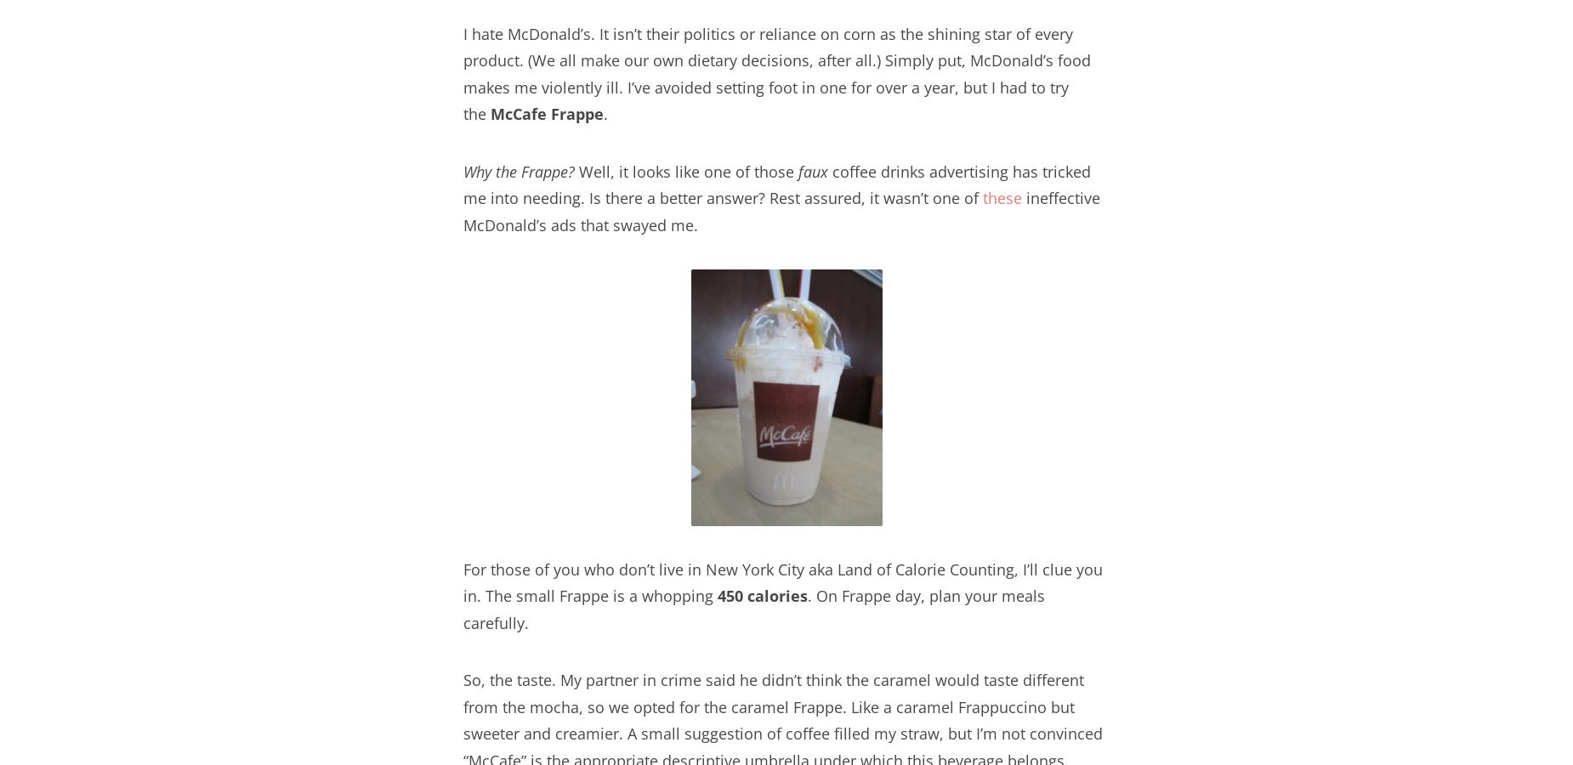  I want to click on 'Well, it looks like one of those', so click(686, 170).